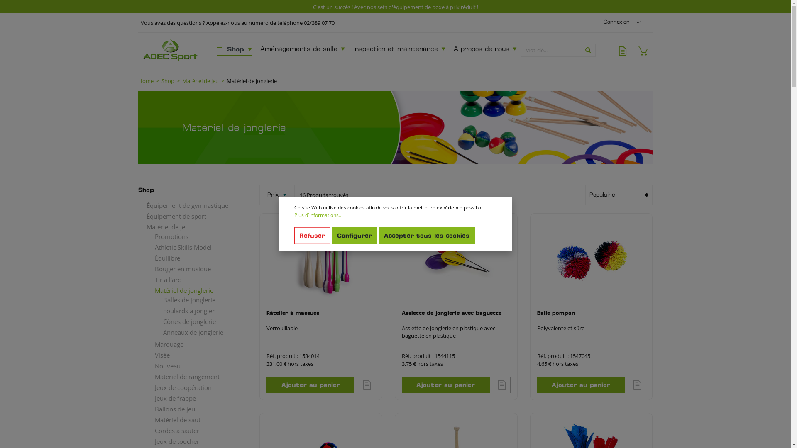 Image resolution: width=797 pixels, height=448 pixels. I want to click on 'A propos de nous', so click(485, 50).